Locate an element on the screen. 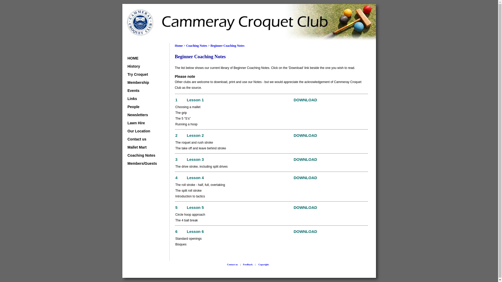 The height and width of the screenshot is (282, 502). 'Lawn Hire' is located at coordinates (143, 123).